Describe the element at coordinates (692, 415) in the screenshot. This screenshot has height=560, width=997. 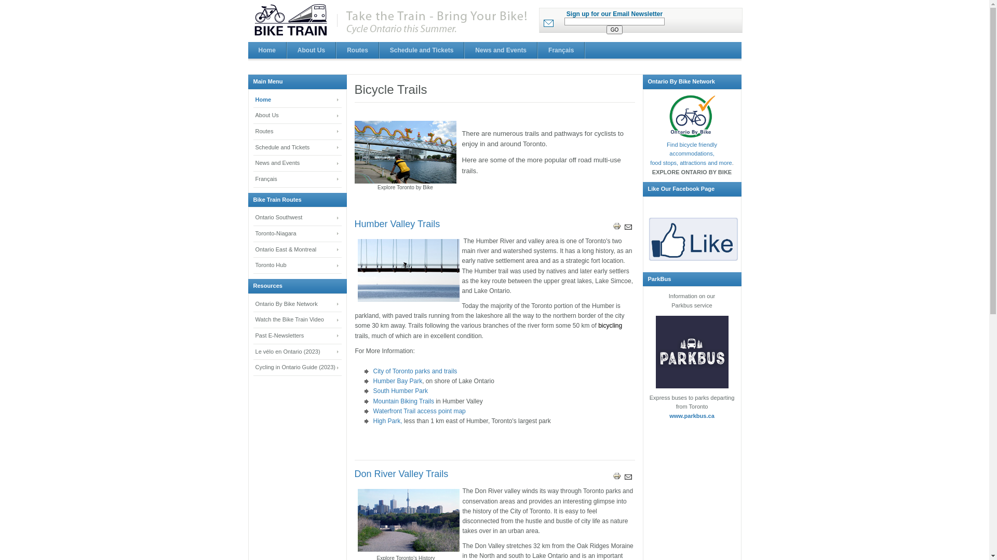
I see `'www.parkbus.ca'` at that location.